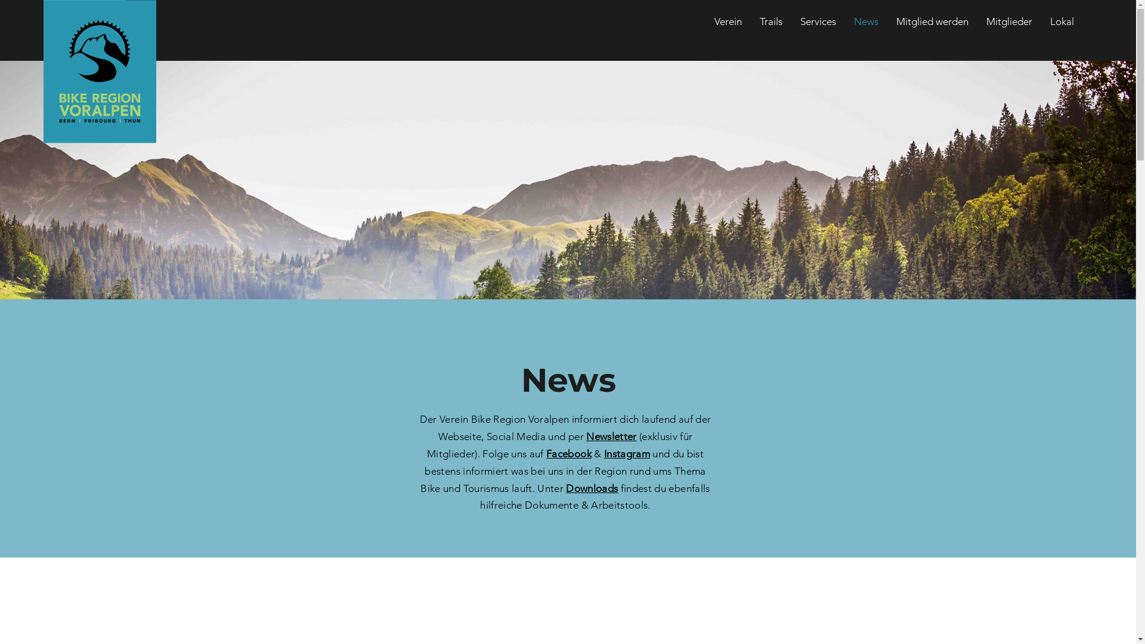 The height and width of the screenshot is (644, 1145). I want to click on 'Downloads', so click(592, 488).